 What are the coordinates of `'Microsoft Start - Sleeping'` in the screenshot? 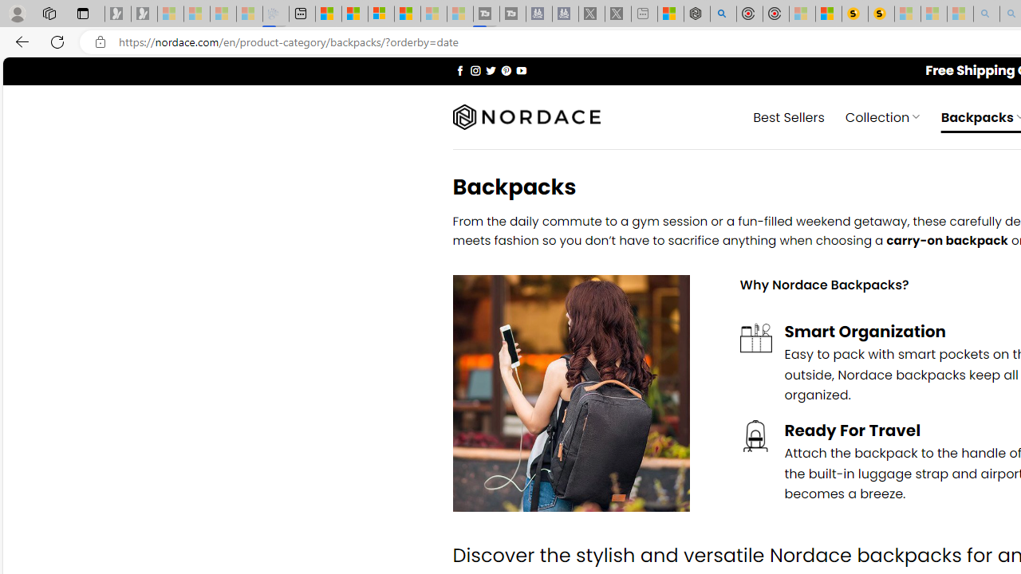 It's located at (434, 14).